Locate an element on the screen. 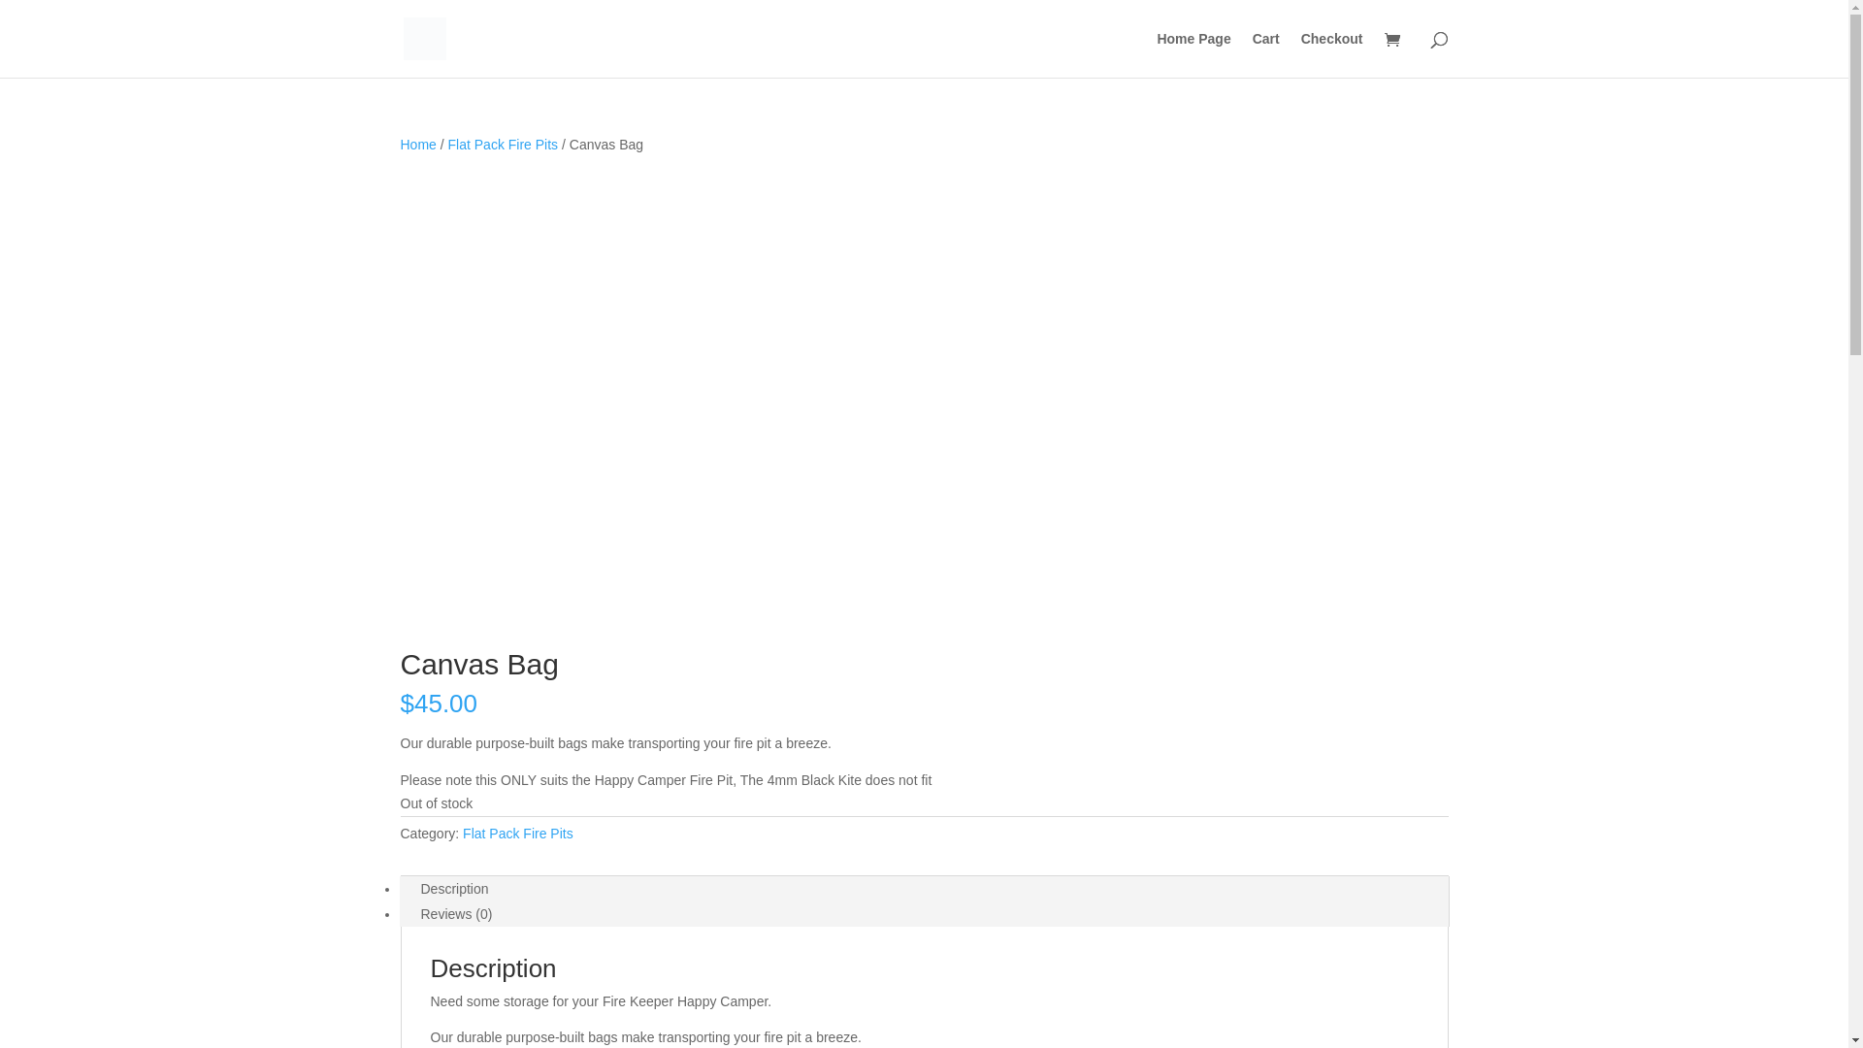 This screenshot has height=1048, width=1863. 'Description' is located at coordinates (454, 888).